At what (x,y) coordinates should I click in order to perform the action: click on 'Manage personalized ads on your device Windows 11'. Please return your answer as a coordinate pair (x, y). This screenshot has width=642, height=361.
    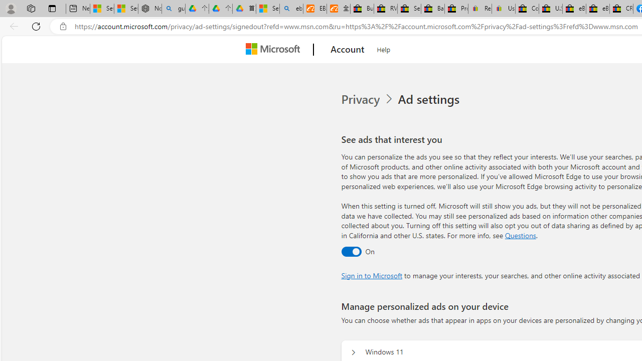
    Looking at the image, I should click on (353, 352).